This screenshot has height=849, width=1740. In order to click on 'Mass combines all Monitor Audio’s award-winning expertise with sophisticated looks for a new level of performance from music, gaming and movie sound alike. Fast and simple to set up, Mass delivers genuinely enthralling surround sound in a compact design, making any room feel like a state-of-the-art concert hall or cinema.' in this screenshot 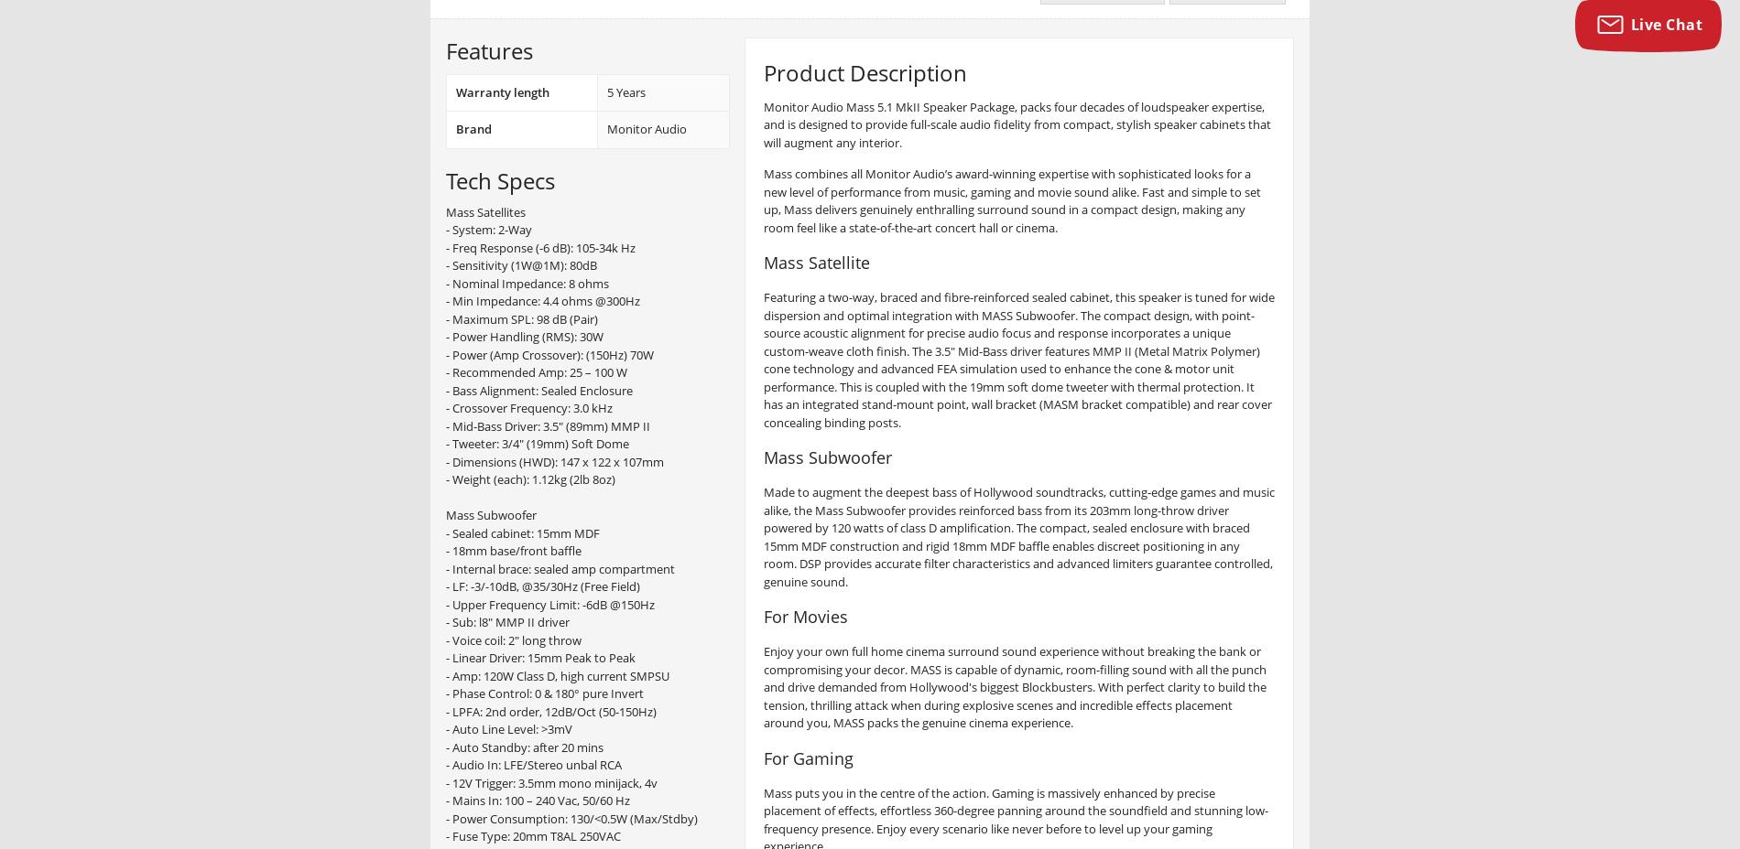, I will do `click(1012, 200)`.